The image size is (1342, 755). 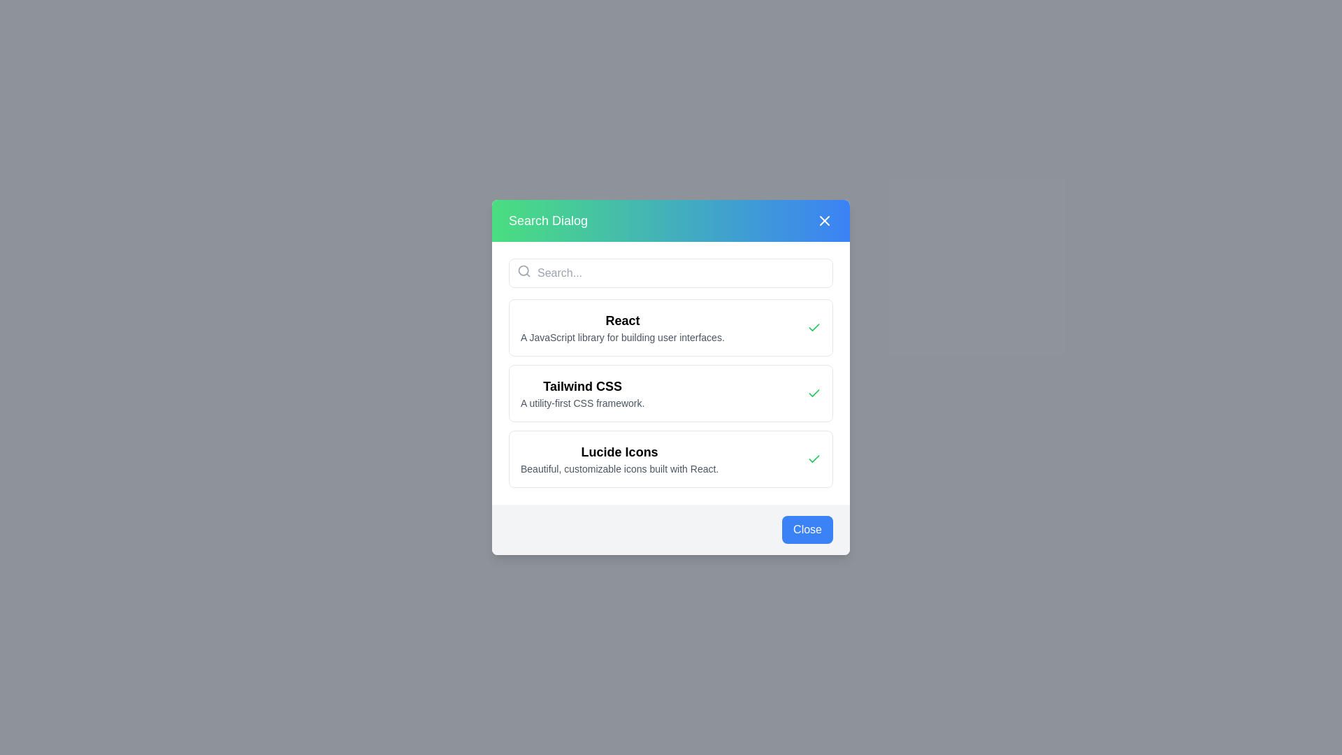 I want to click on the informational card displaying 'React', which is the first item in a vertical list within the modal dialog, so click(x=621, y=328).